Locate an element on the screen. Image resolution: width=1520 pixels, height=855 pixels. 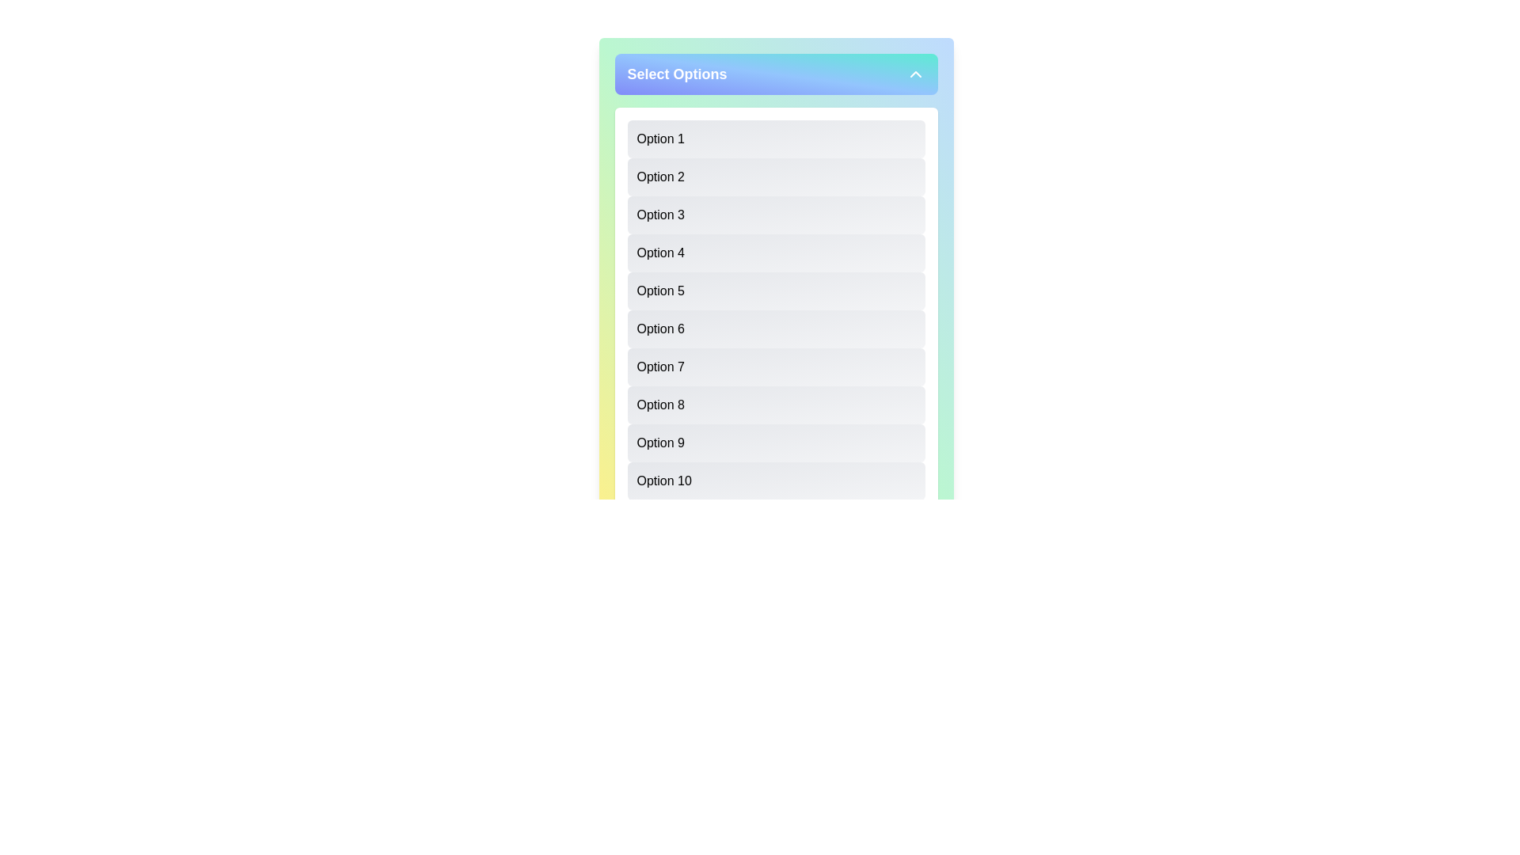
the fourth selectable option label in the 'Select Options' list is located at coordinates (660, 253).